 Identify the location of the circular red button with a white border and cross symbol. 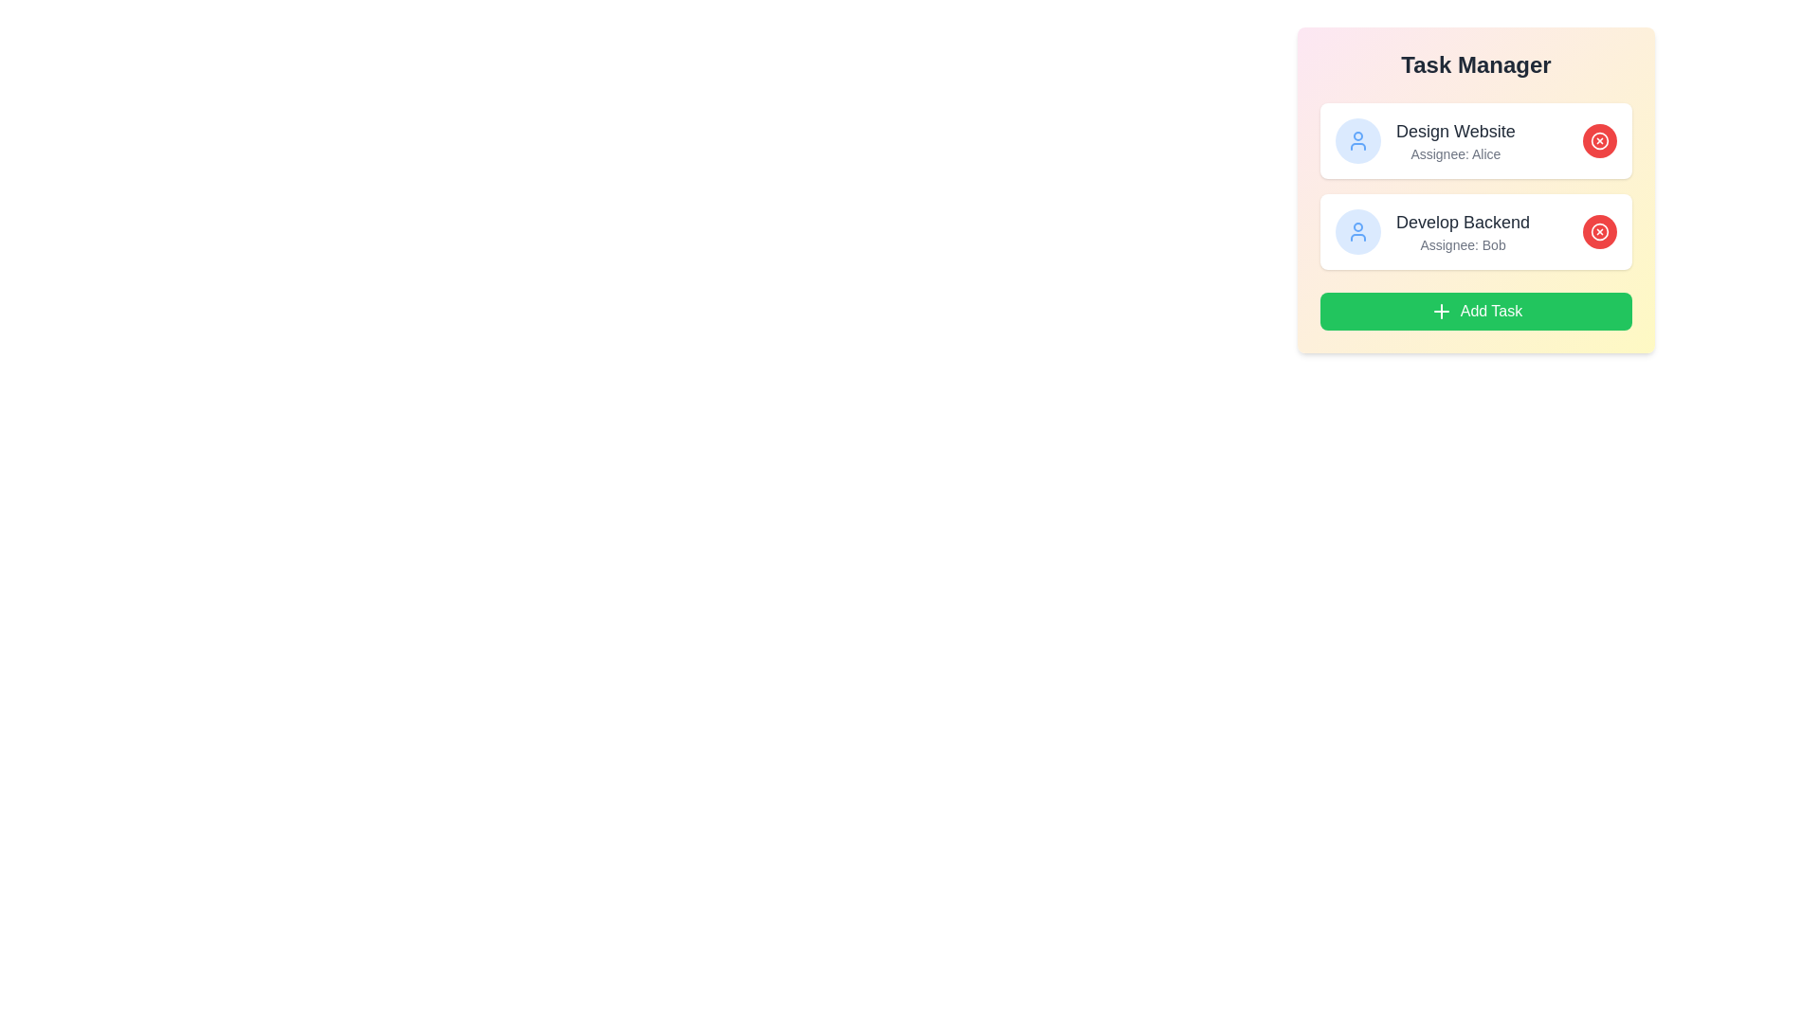
(1599, 231).